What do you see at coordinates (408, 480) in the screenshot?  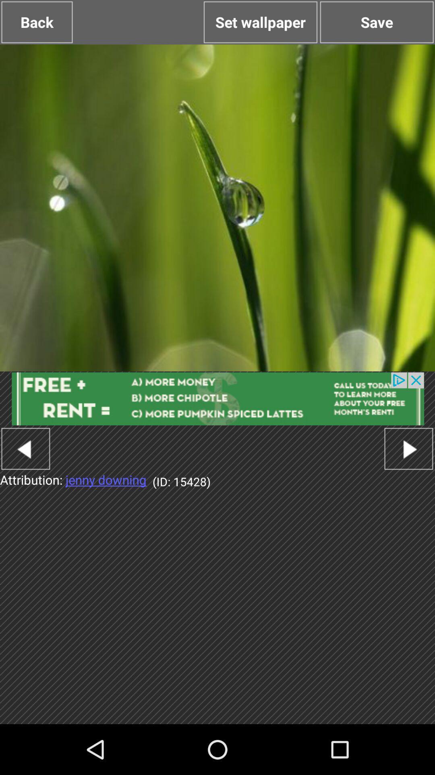 I see `the play icon` at bounding box center [408, 480].